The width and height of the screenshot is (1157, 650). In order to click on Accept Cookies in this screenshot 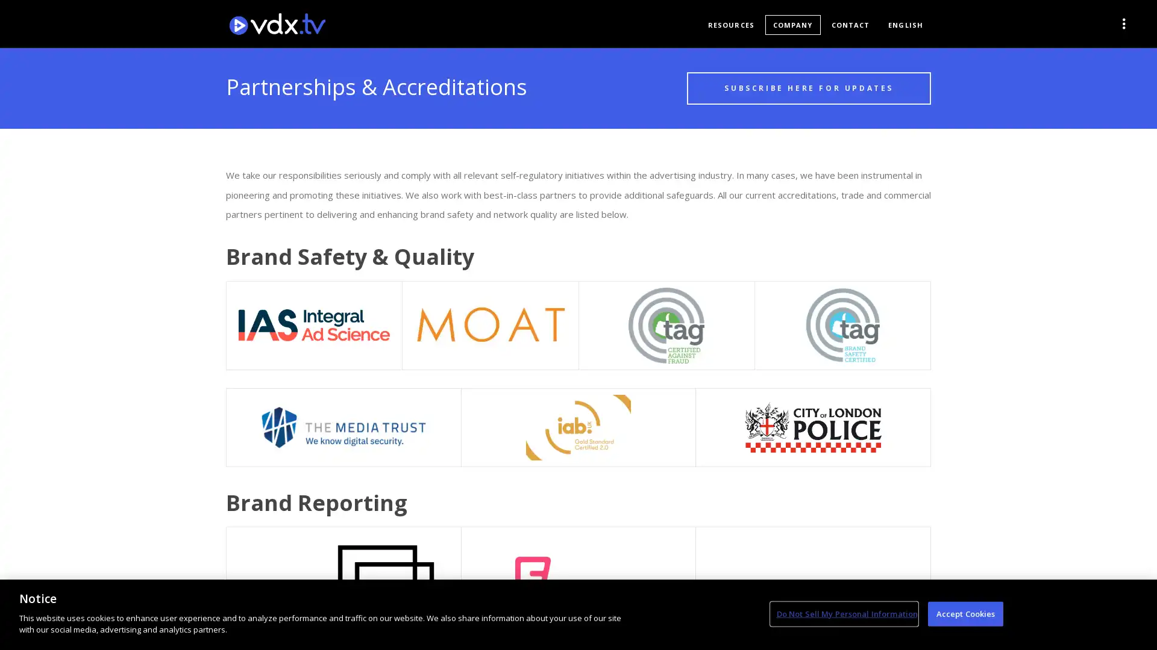, I will do `click(965, 613)`.